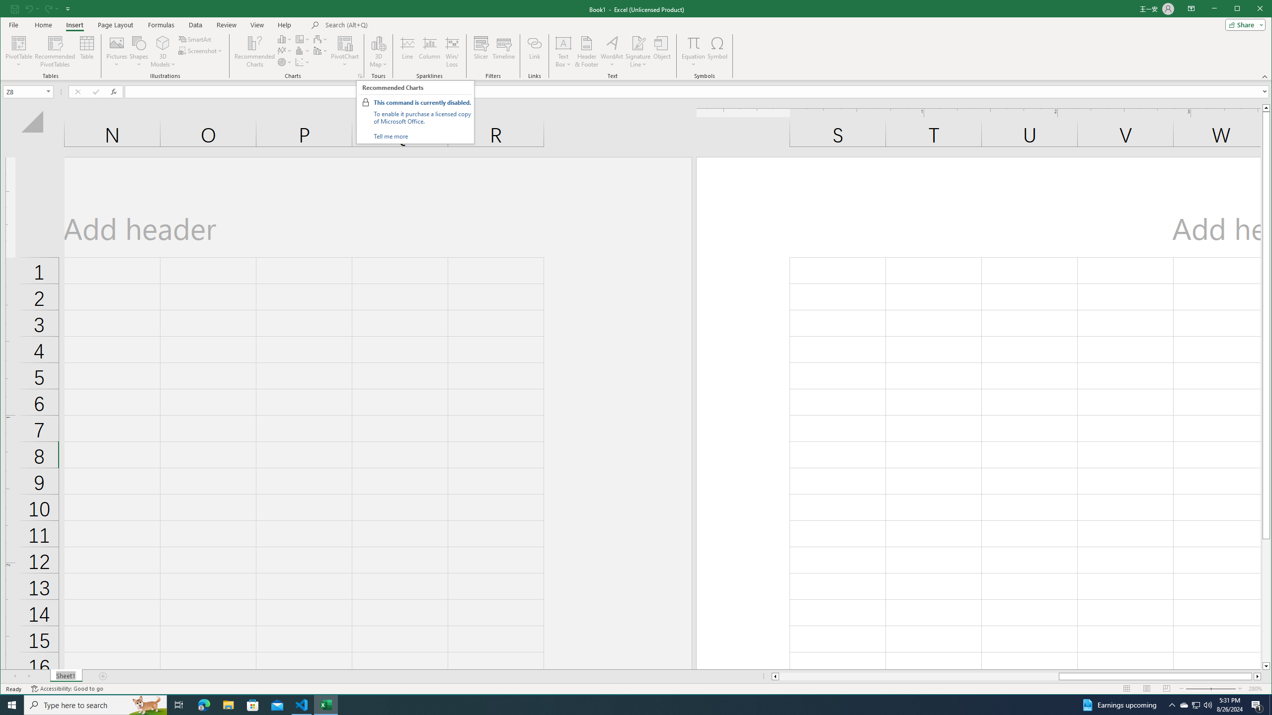 This screenshot has height=715, width=1272. I want to click on 'Insert Pie or Doughnut Chart', so click(284, 62).